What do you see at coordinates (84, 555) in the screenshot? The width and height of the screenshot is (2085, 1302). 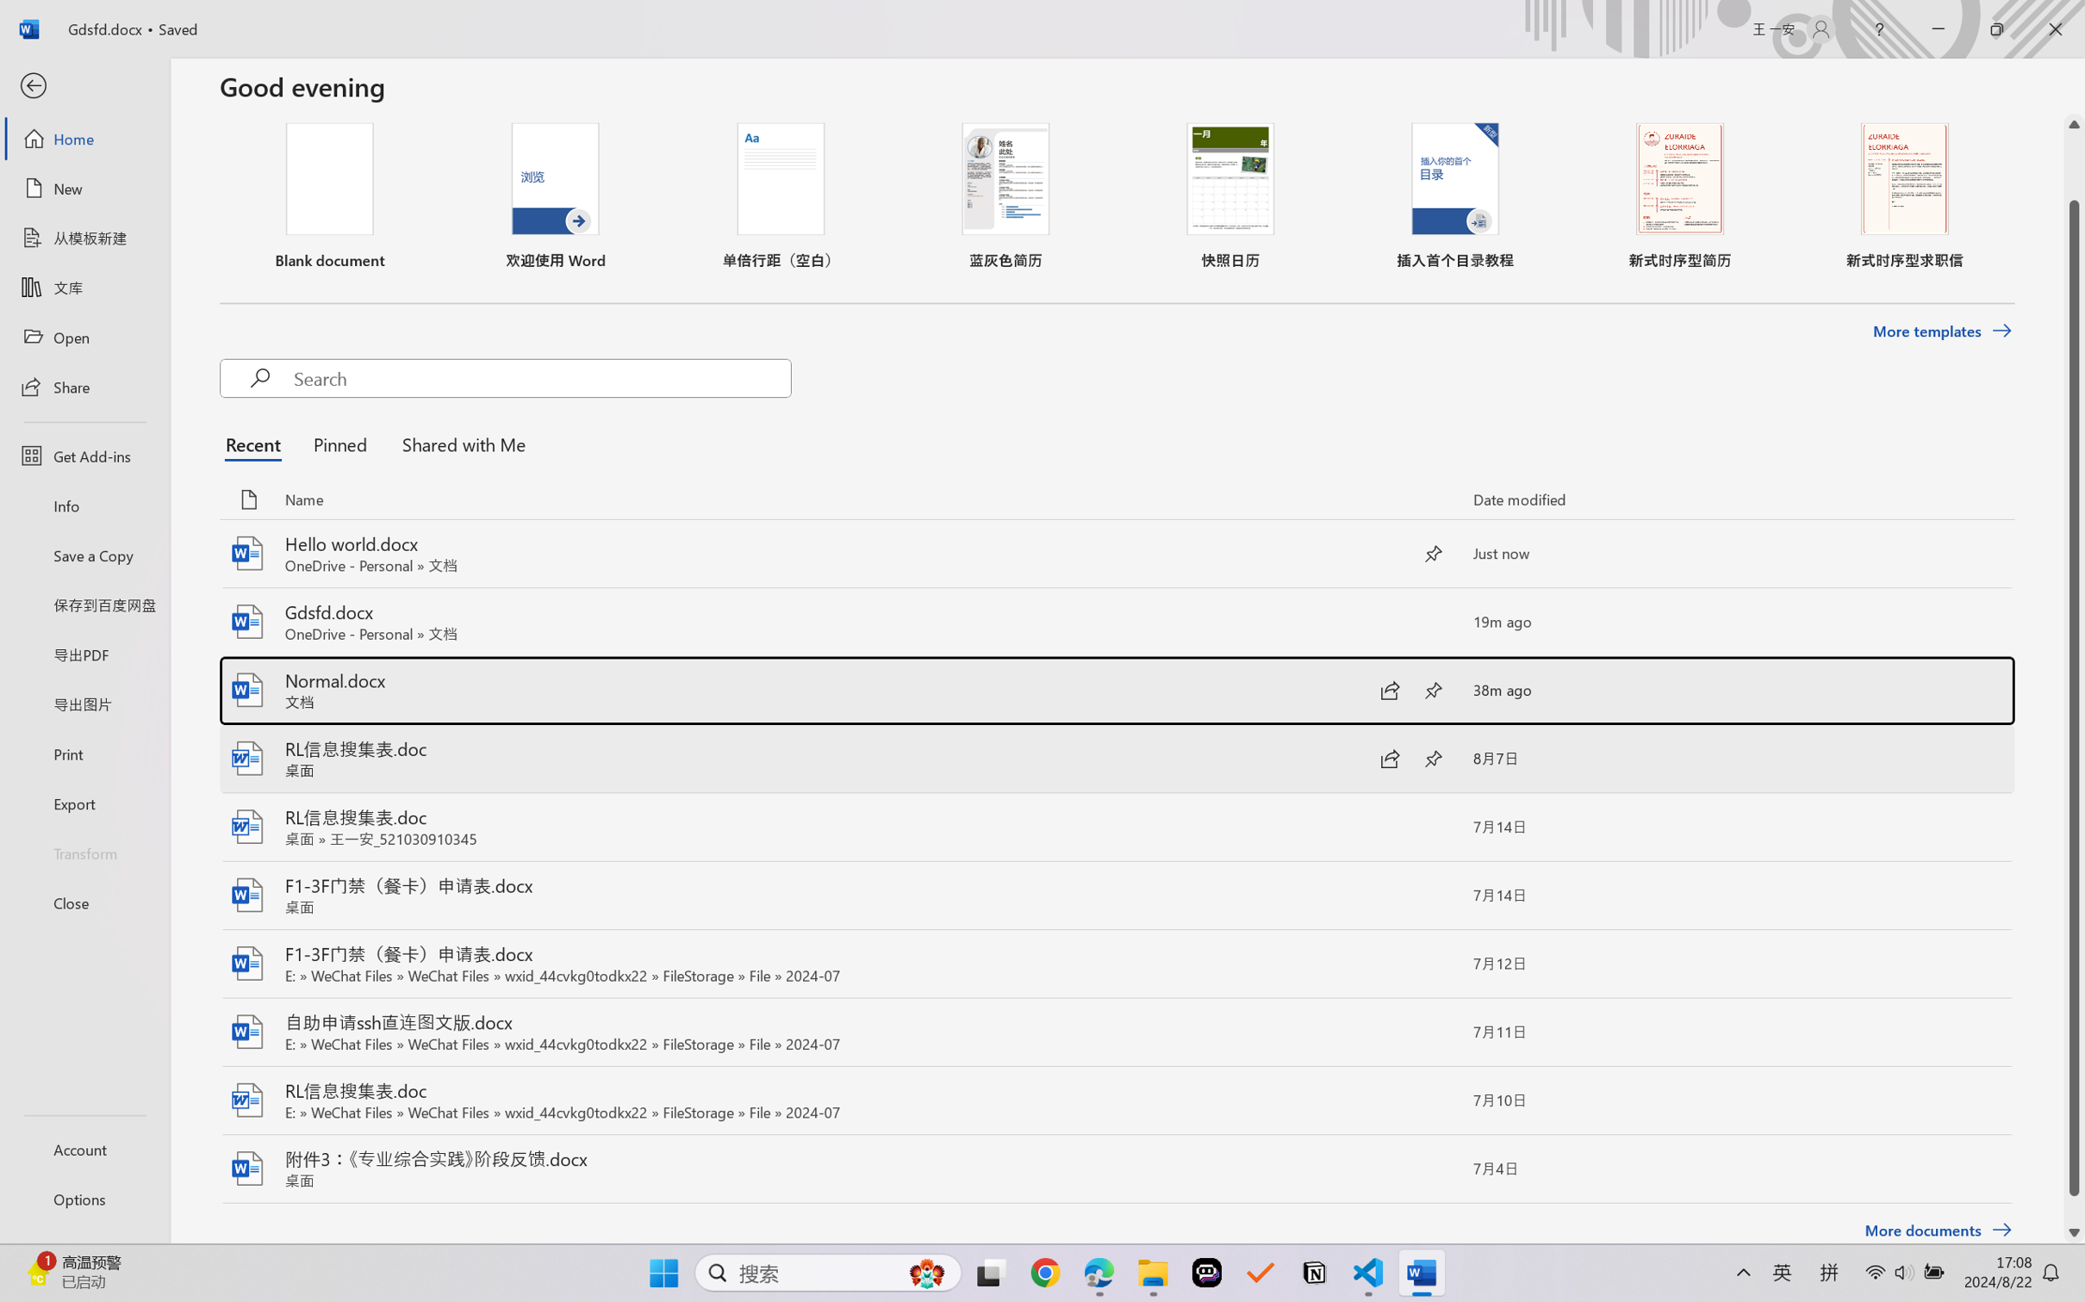 I see `'Save a Copy'` at bounding box center [84, 555].